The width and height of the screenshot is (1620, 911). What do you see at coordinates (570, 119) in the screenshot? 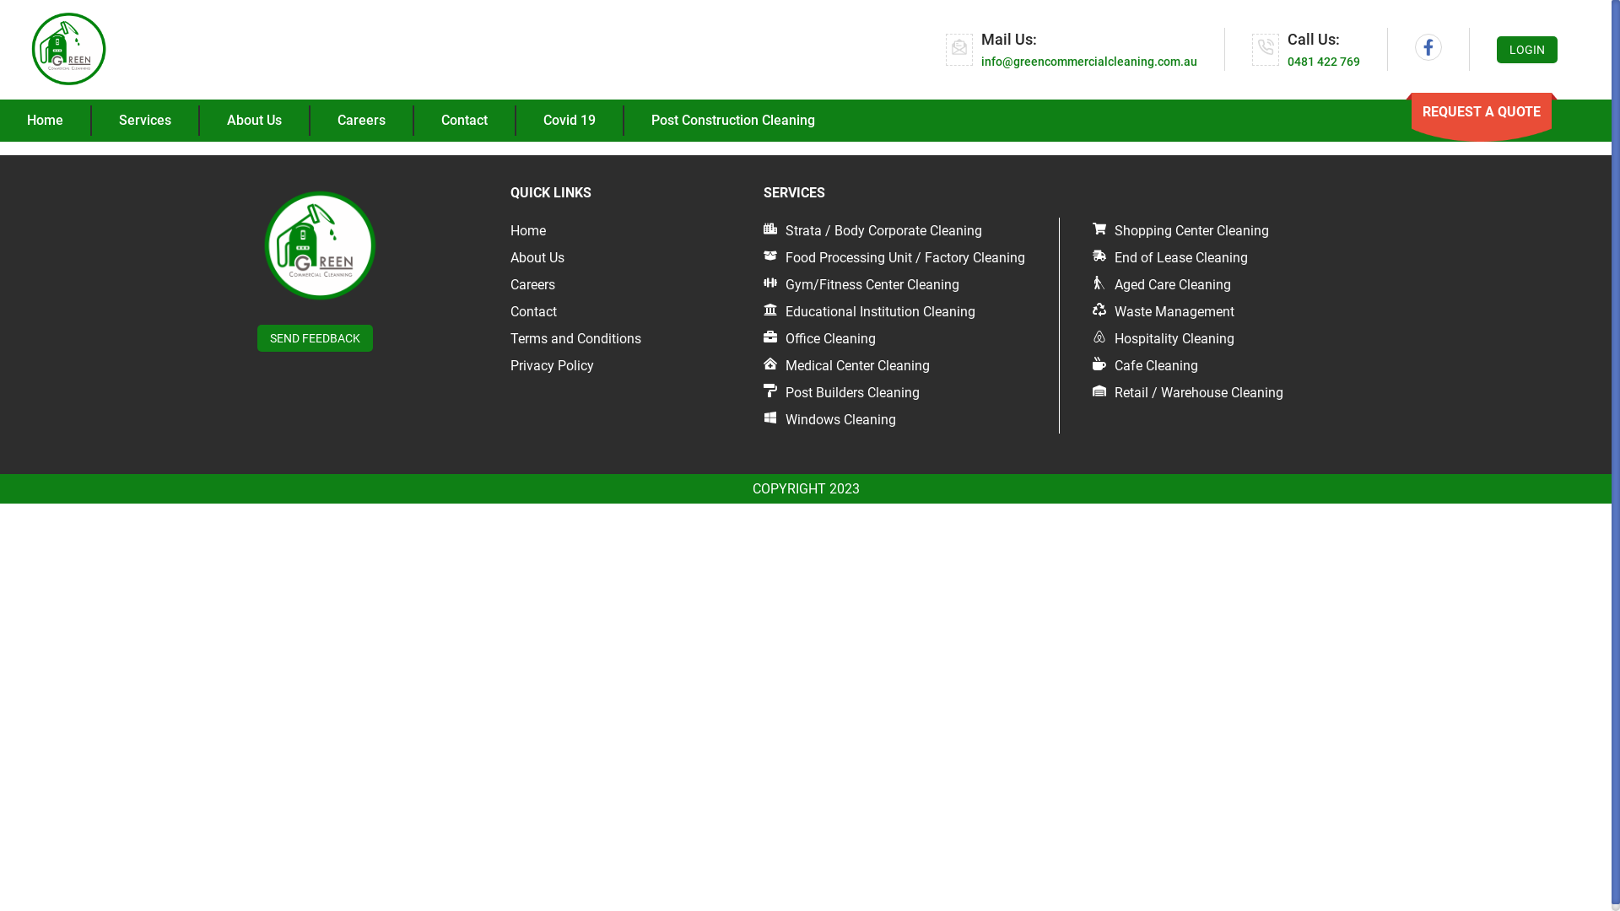
I see `'Covid 19'` at bounding box center [570, 119].